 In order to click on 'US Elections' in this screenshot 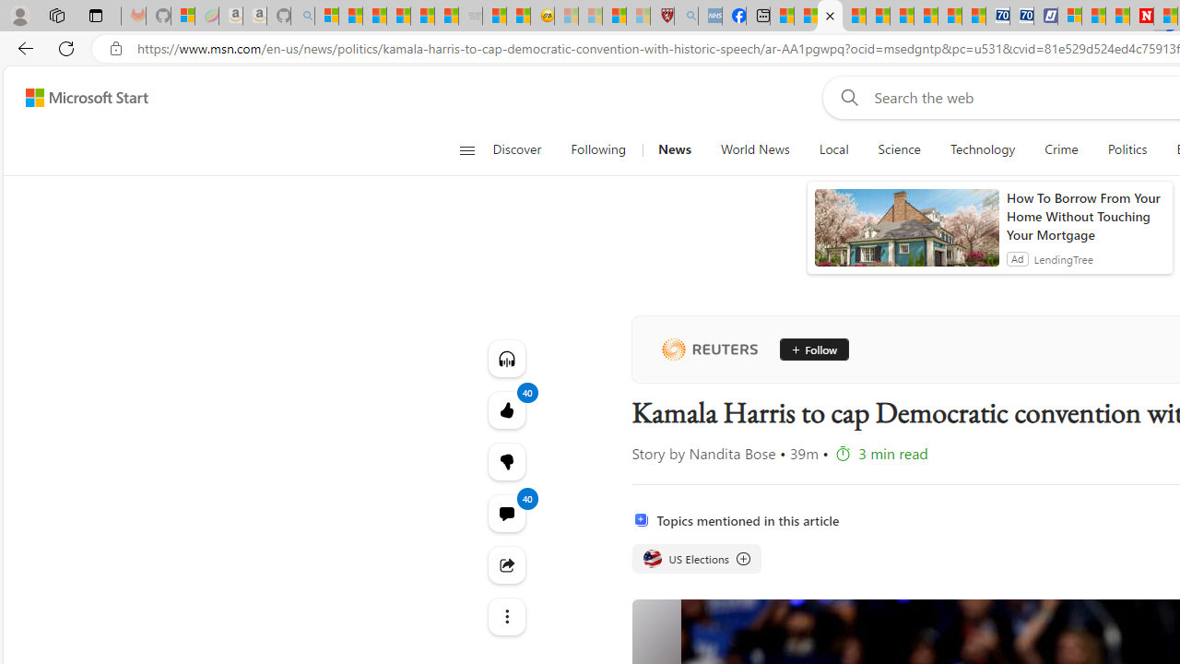, I will do `click(695, 557)`.